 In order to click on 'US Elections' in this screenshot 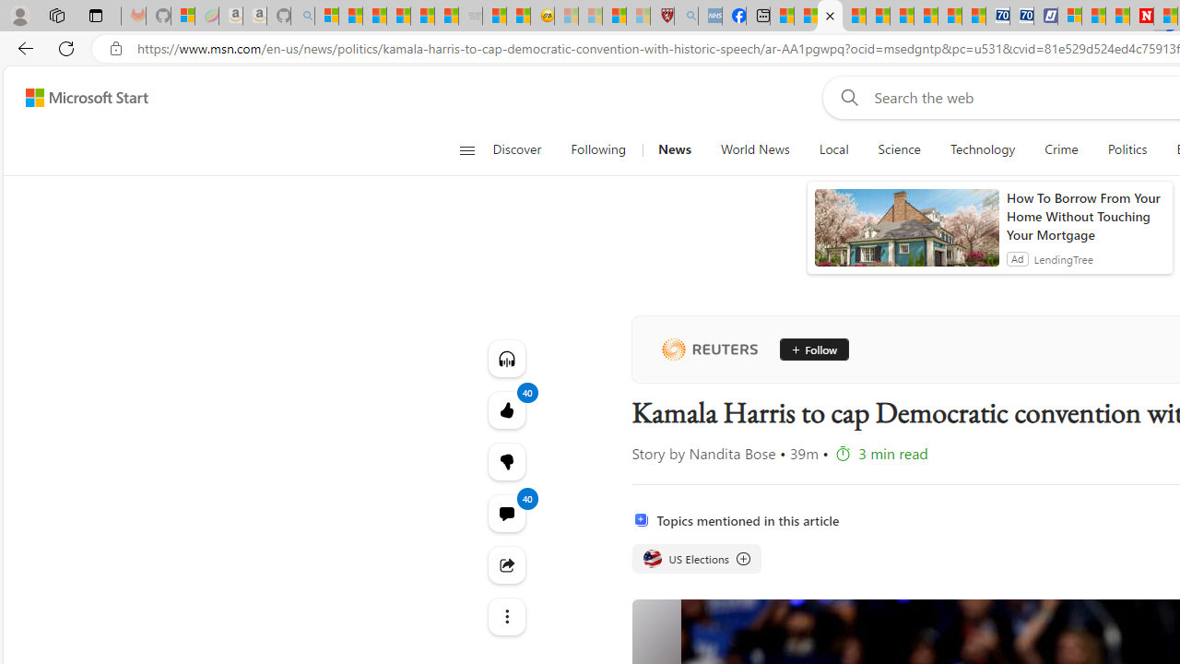, I will do `click(695, 557)`.